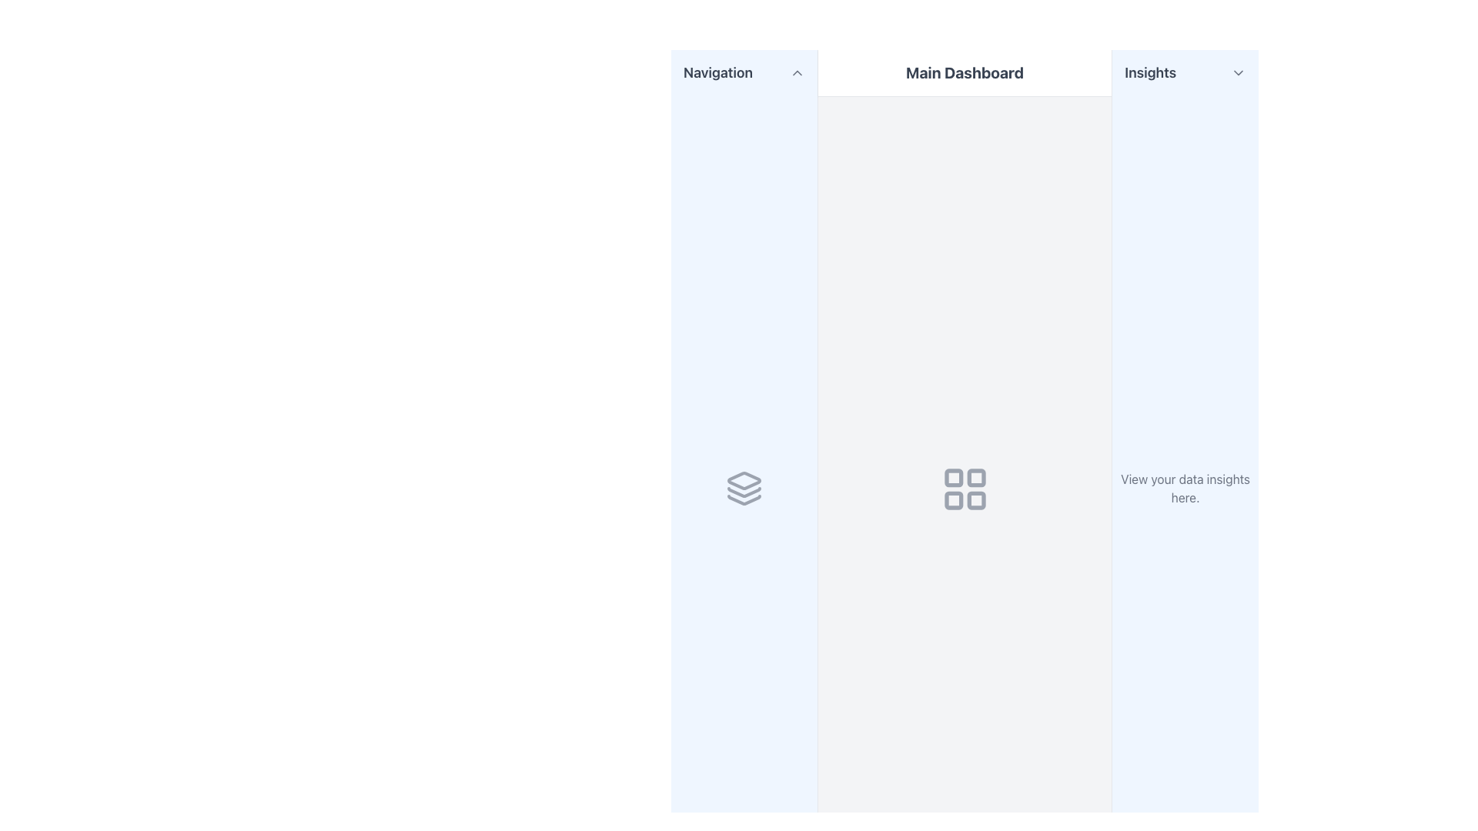 The height and width of the screenshot is (831, 1478). Describe the element at coordinates (744, 492) in the screenshot. I see `the middle layer icon of the SVG icon stack, which serves as a decorative and functional part of the layering symbol` at that location.